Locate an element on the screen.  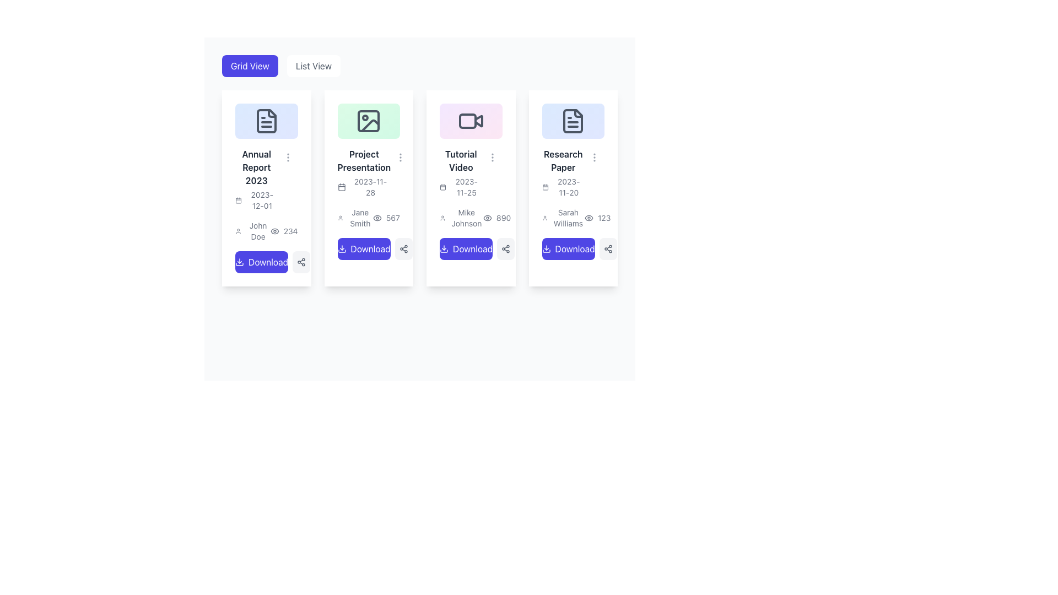
the date string '2023-11-20' displayed in gray font, located below the title 'Research Paper' in the details section of the card is located at coordinates (563, 186).